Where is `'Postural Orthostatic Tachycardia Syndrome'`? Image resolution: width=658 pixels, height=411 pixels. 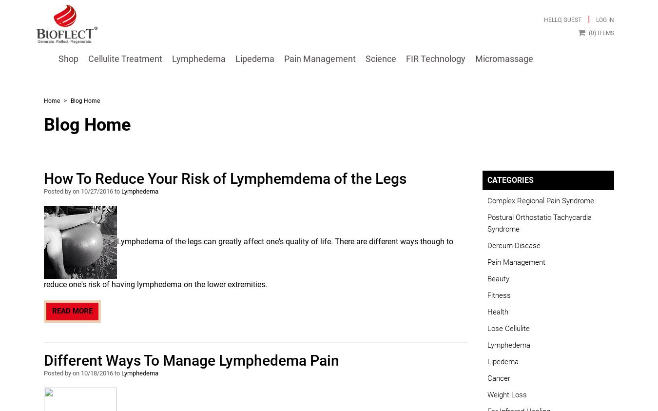 'Postural Orthostatic Tachycardia Syndrome' is located at coordinates (540, 222).